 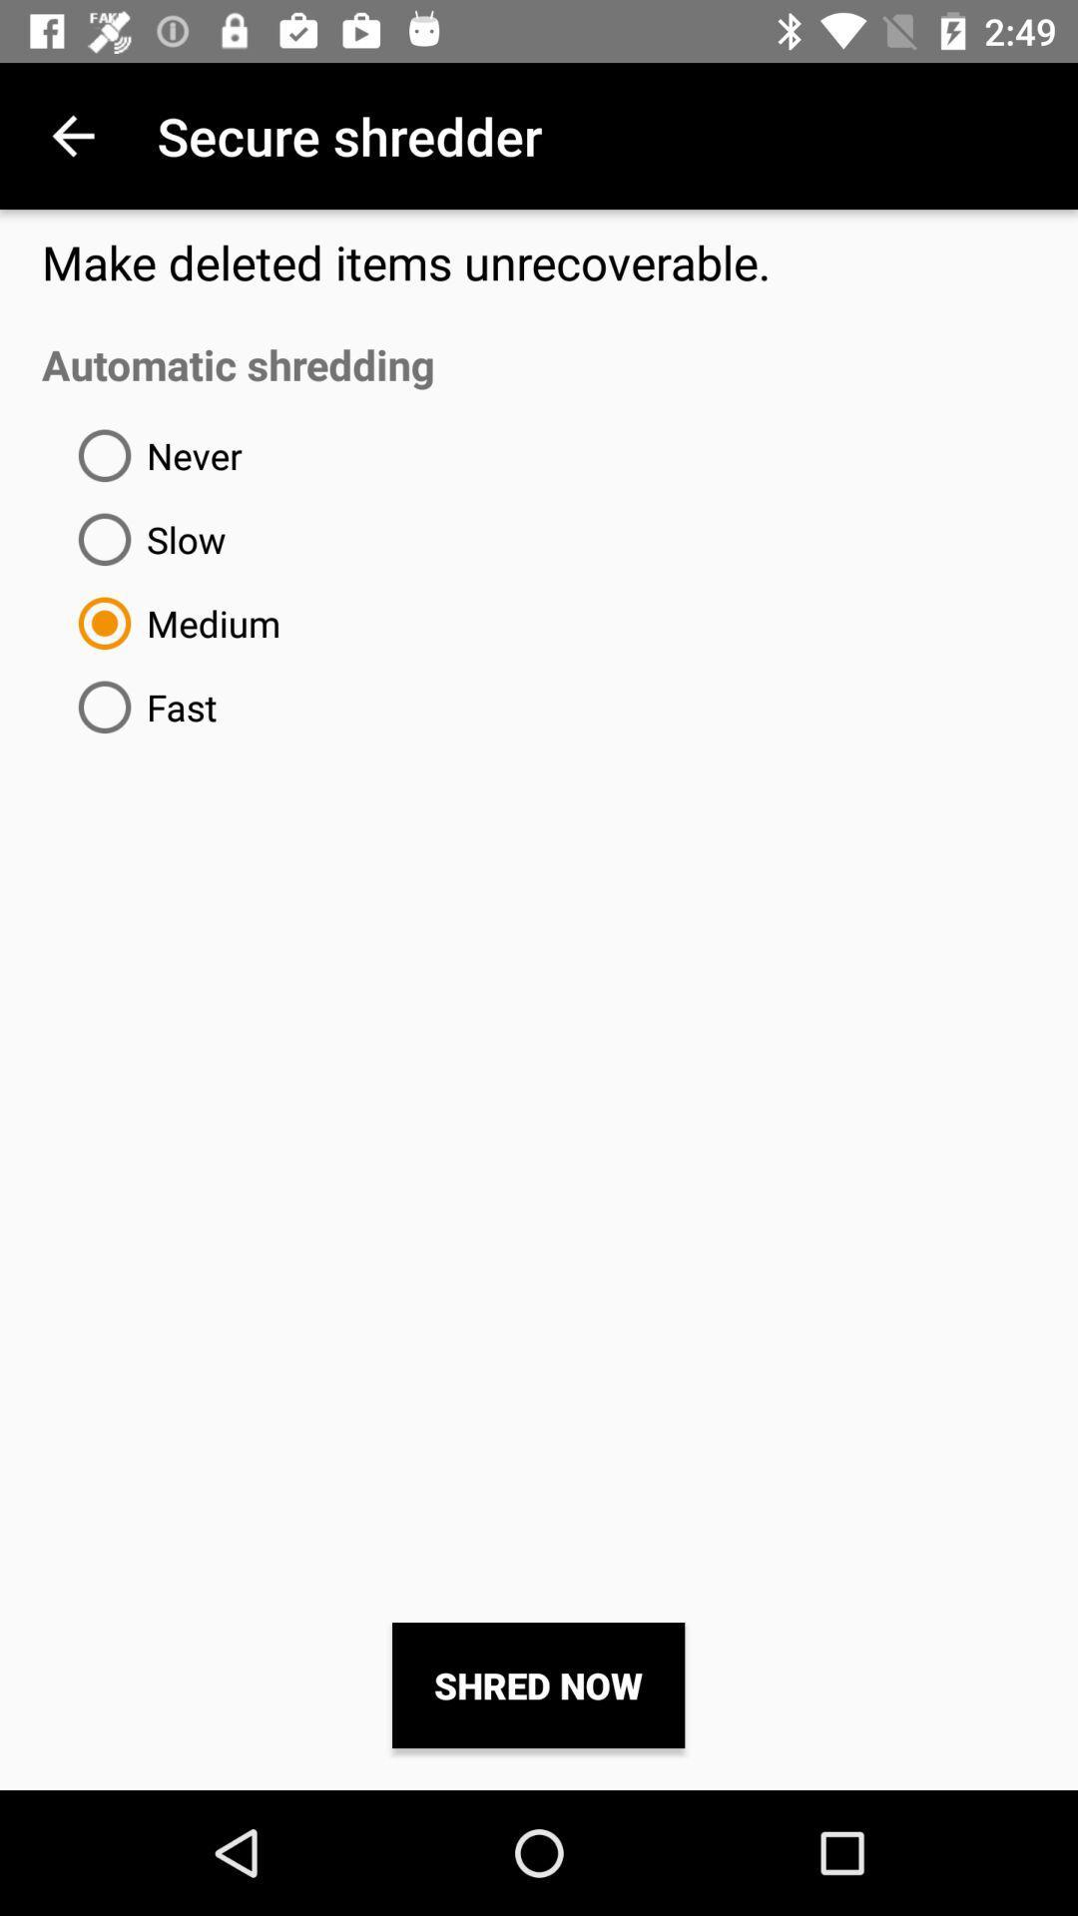 What do you see at coordinates (171, 622) in the screenshot?
I see `medium item` at bounding box center [171, 622].